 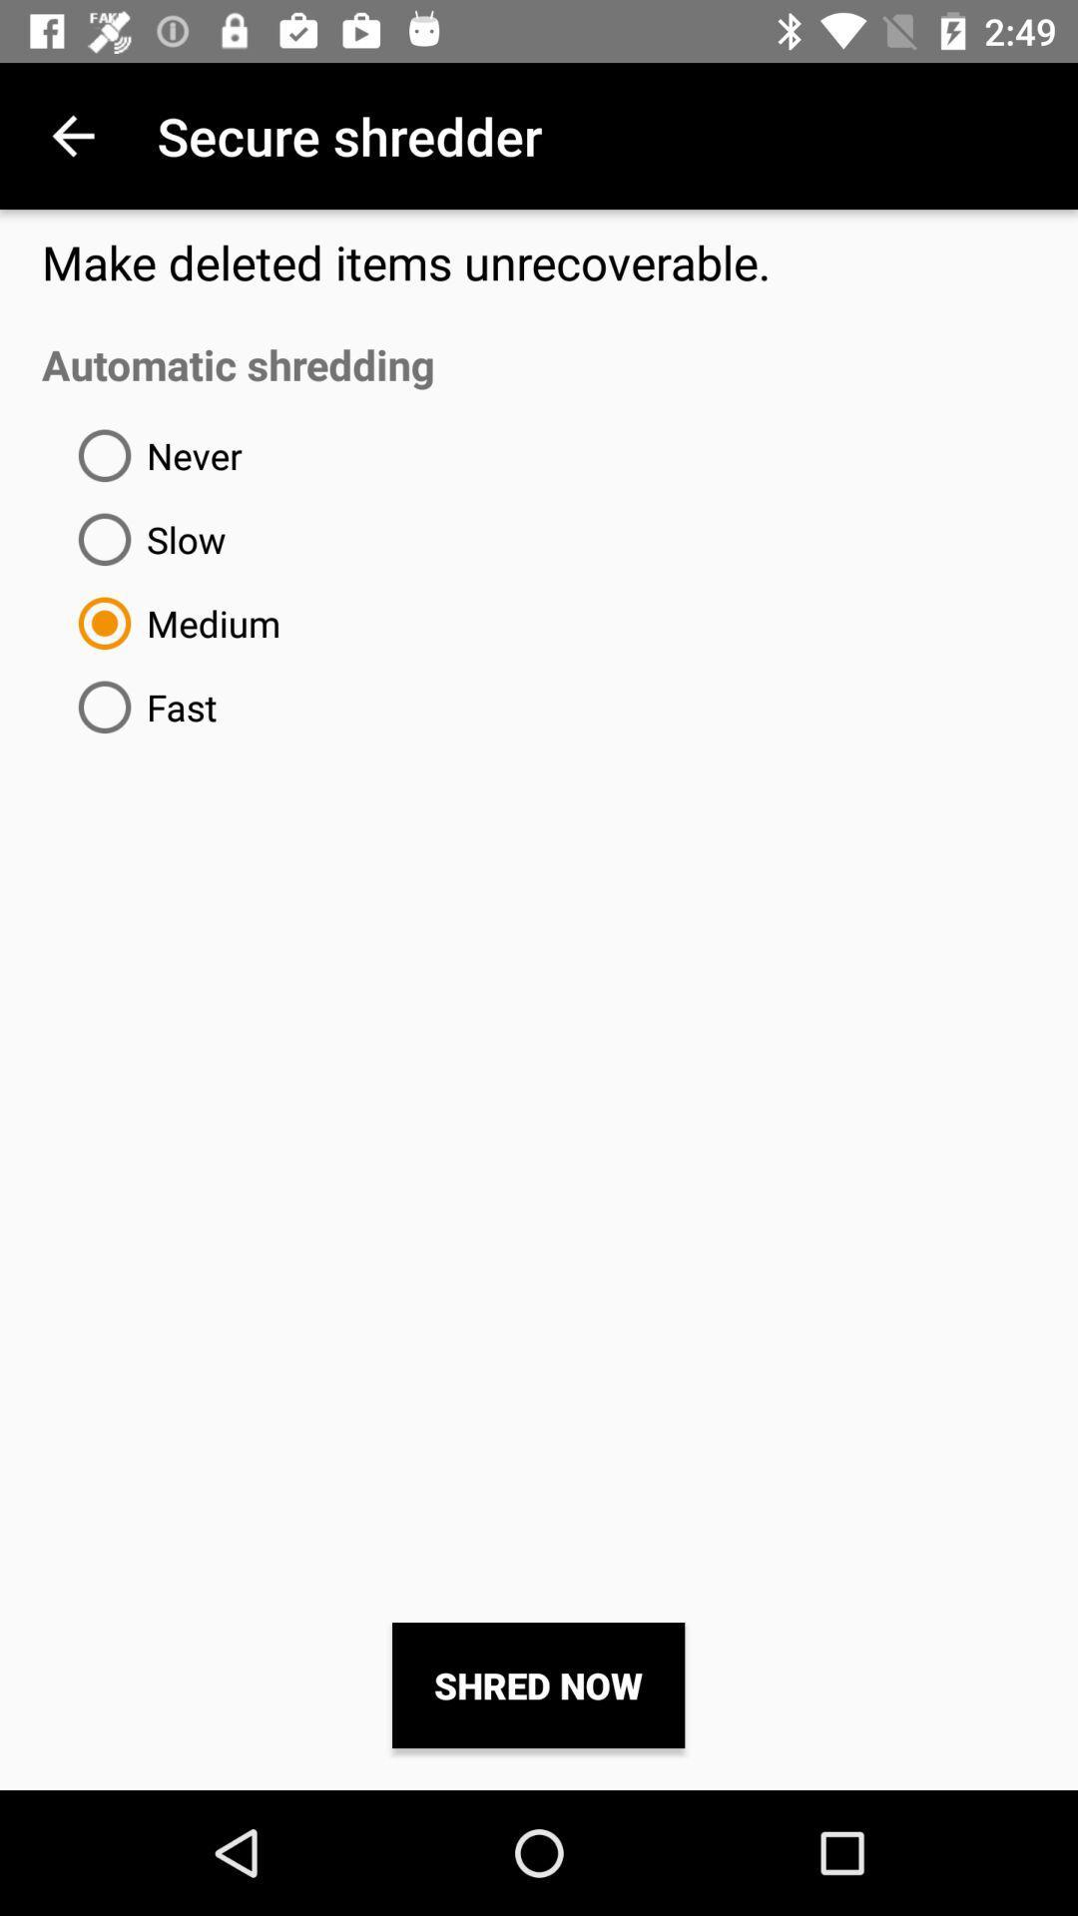 What do you see at coordinates (171, 622) in the screenshot?
I see `medium item` at bounding box center [171, 622].